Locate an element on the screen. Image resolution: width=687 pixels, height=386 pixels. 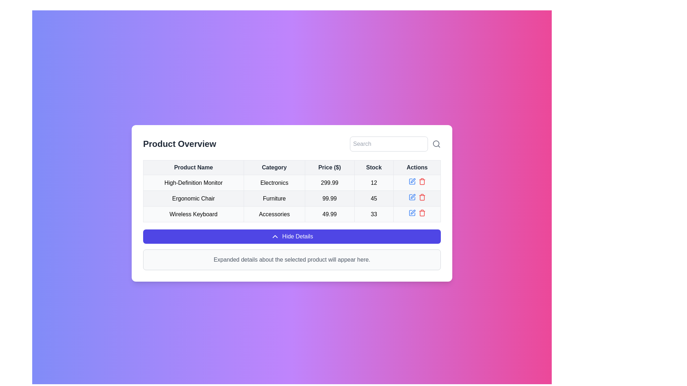
the delete icon button located in the bottom row of the 'Actions' column in the table is located at coordinates (422, 197).